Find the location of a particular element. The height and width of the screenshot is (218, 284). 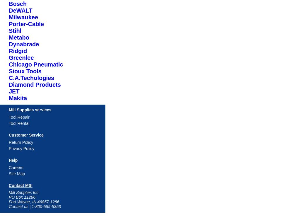

'Privacy Policy' is located at coordinates (21, 149).